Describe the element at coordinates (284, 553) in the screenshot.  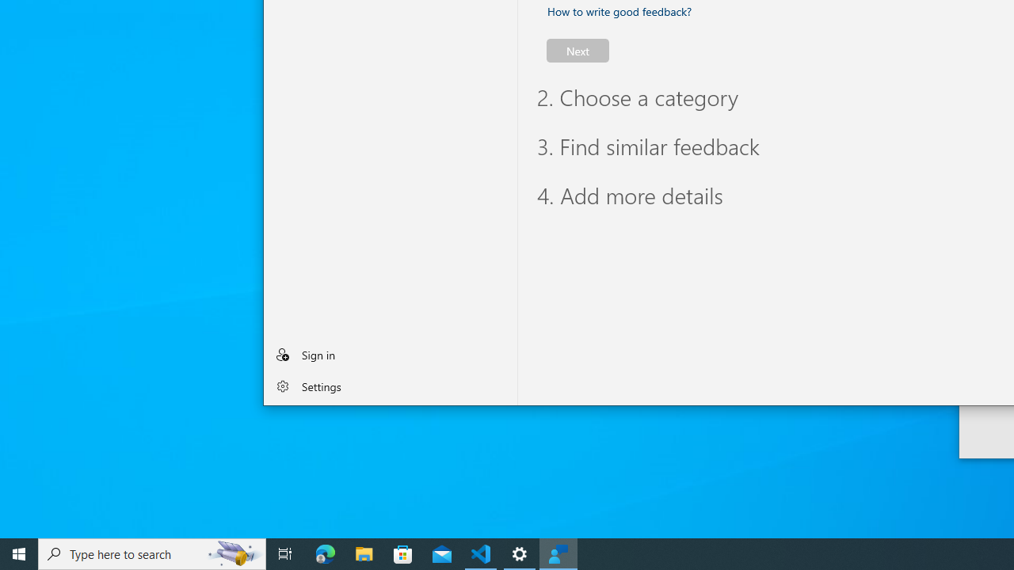
I see `'Task View'` at that location.